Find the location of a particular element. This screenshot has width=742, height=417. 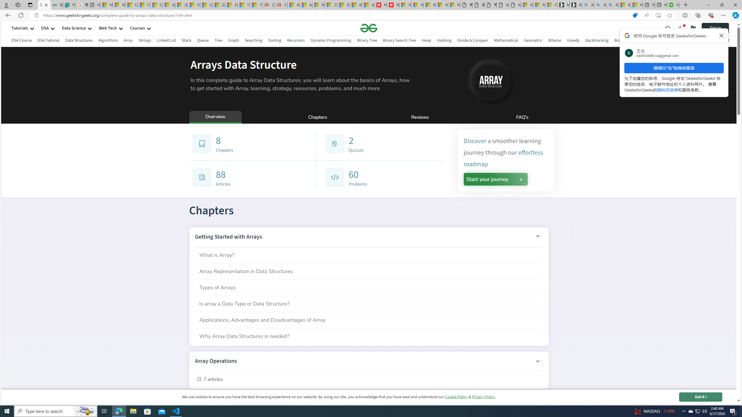

'Backtracking' is located at coordinates (596, 41).